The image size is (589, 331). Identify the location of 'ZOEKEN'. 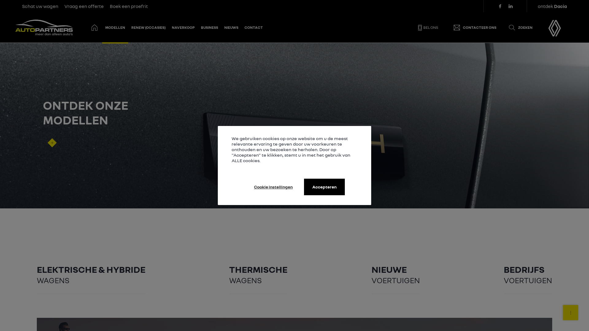
(502, 27).